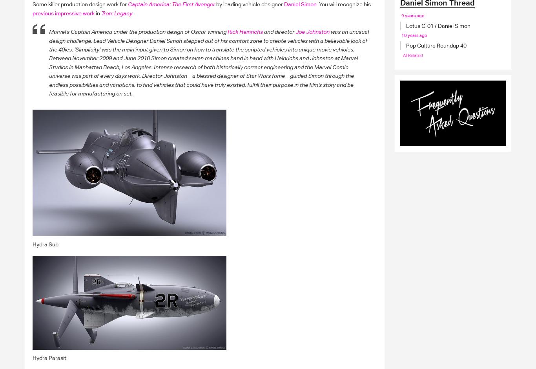  Describe the element at coordinates (45, 244) in the screenshot. I see `'Hydra Sub'` at that location.